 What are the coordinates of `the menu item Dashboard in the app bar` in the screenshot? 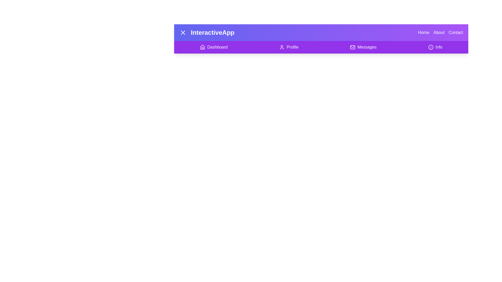 It's located at (214, 47).